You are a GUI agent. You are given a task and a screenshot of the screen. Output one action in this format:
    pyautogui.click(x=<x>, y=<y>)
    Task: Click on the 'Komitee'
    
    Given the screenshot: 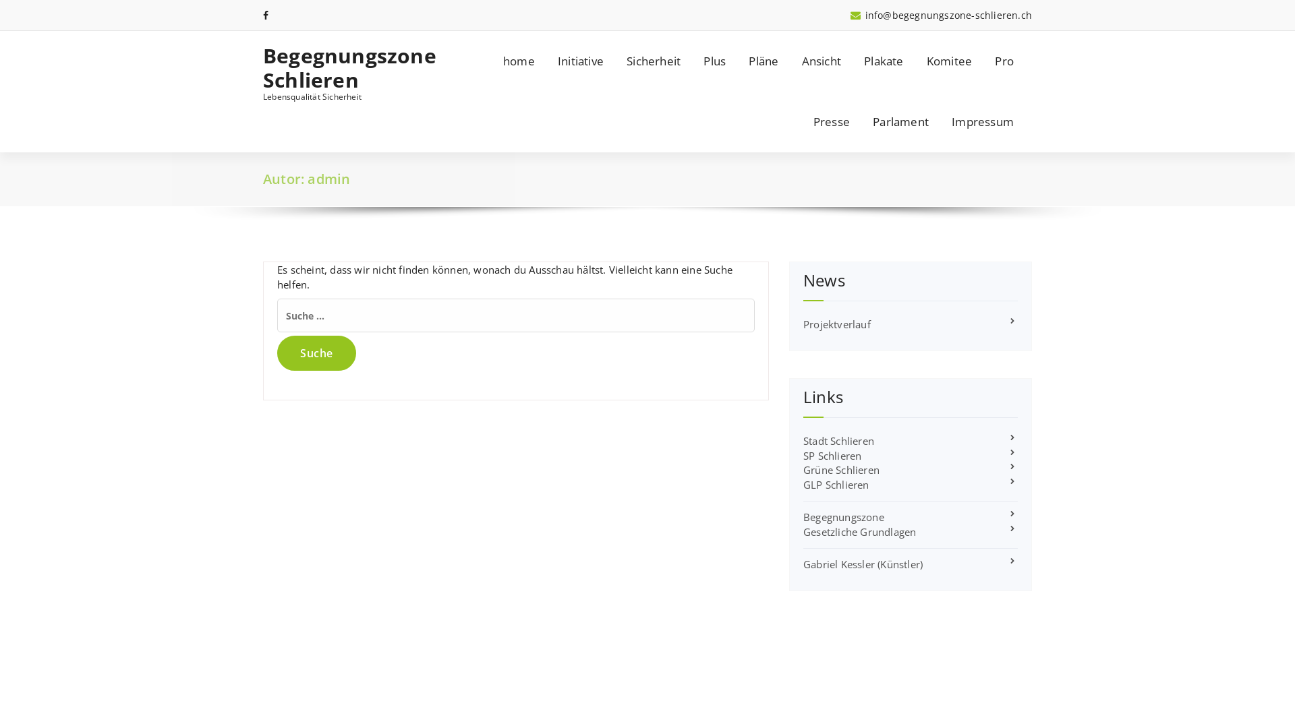 What is the action you would take?
    pyautogui.click(x=948, y=61)
    